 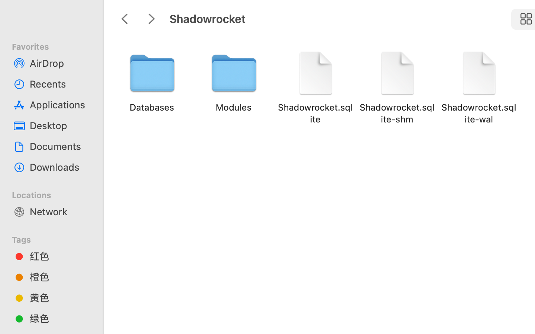 I want to click on '红色', so click(x=59, y=256).